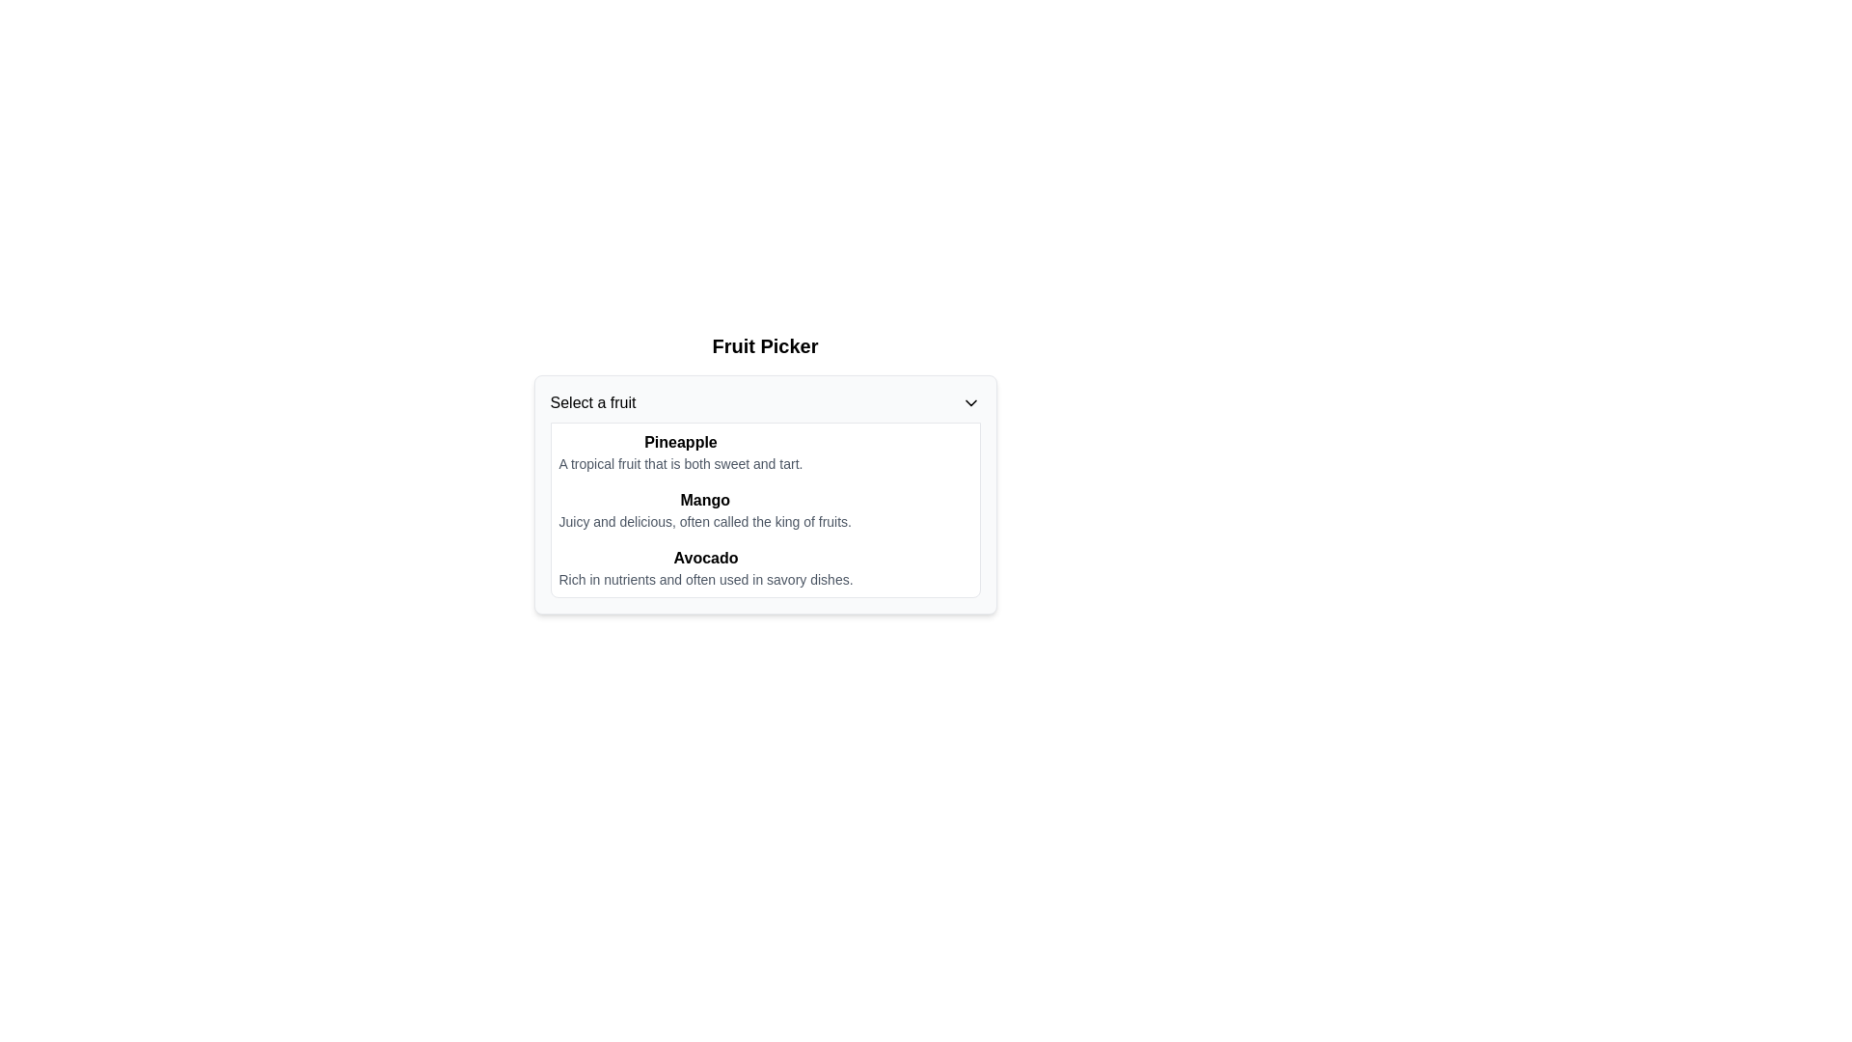  Describe the element at coordinates (764, 473) in the screenshot. I see `the Dropdown menu for fruit selection, which is centrally aligned below the title 'Fruit Picker' in the dialog box` at that location.